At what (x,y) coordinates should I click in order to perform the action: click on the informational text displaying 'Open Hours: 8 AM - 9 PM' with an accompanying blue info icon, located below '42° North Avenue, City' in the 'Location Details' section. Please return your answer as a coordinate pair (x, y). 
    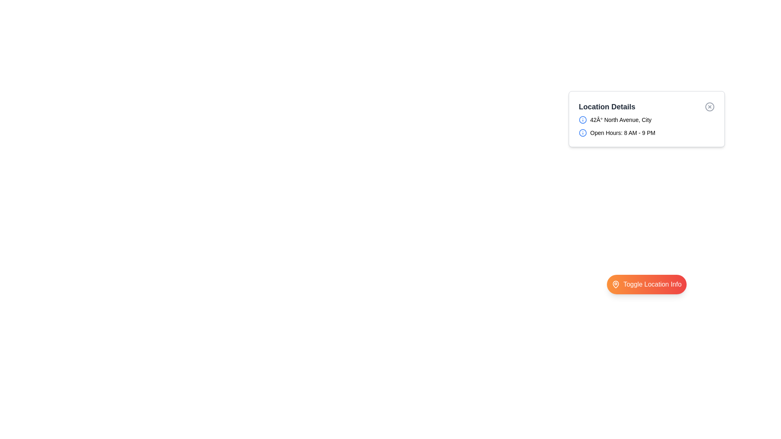
    Looking at the image, I should click on (646, 133).